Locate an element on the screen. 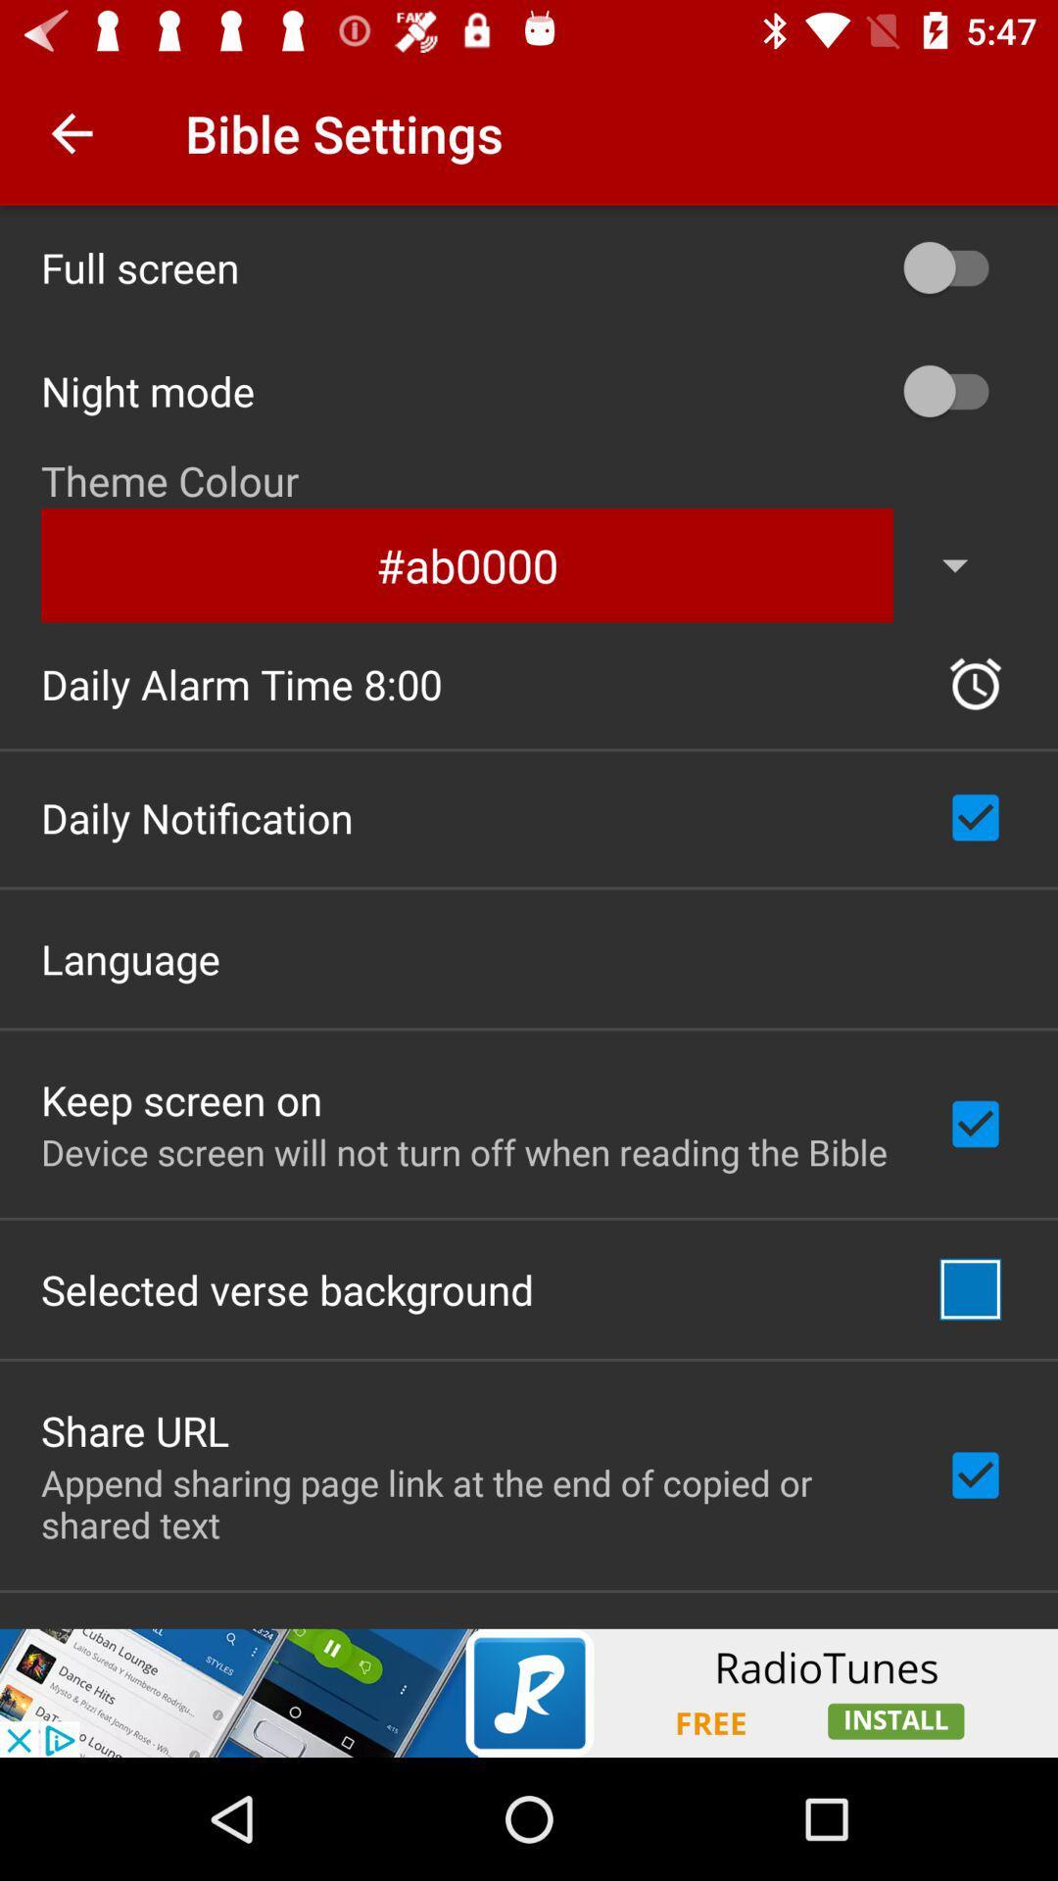 The height and width of the screenshot is (1881, 1058). on/off daily alarm is located at coordinates (975, 684).